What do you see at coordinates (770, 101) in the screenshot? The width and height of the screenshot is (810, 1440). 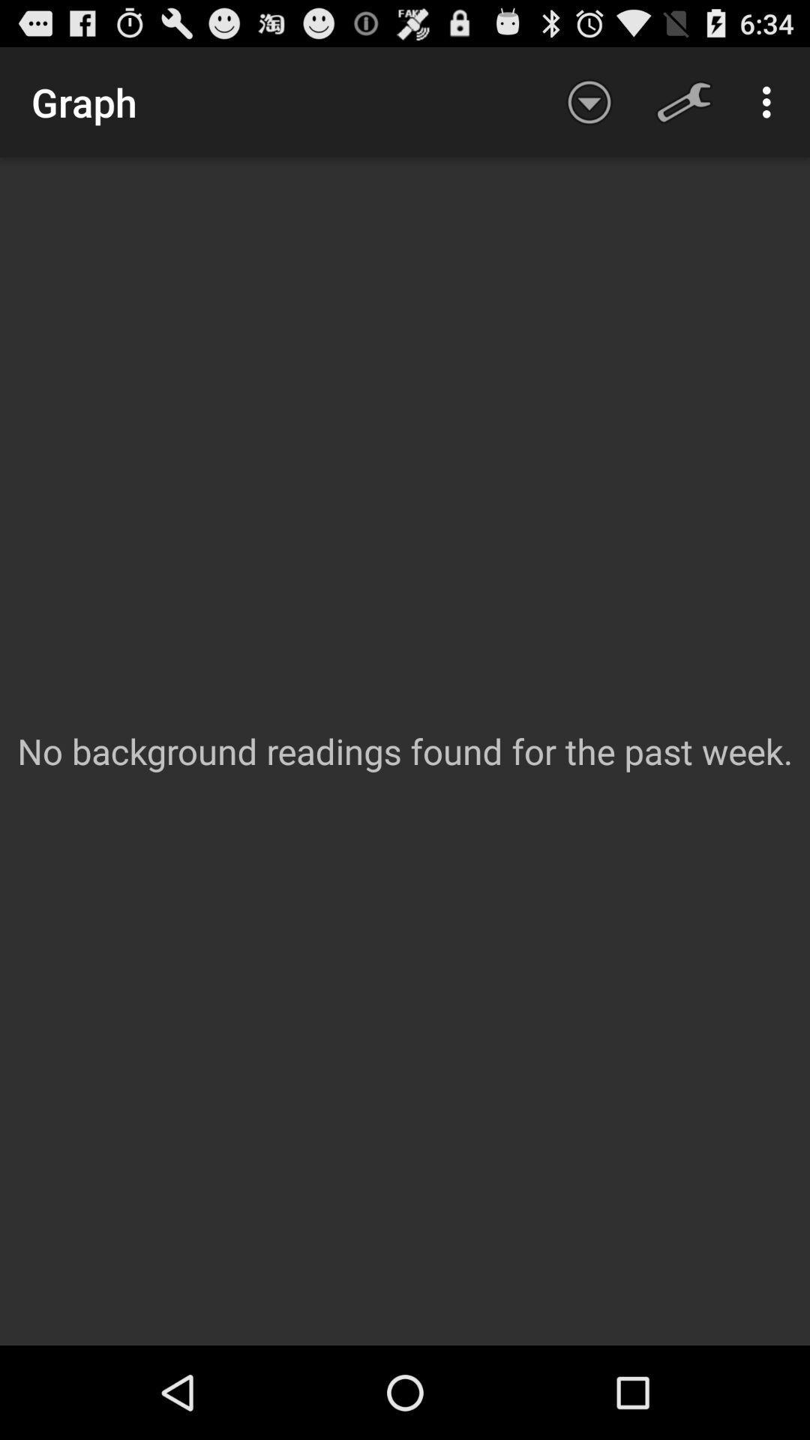 I see `the app above the no background readings app` at bounding box center [770, 101].